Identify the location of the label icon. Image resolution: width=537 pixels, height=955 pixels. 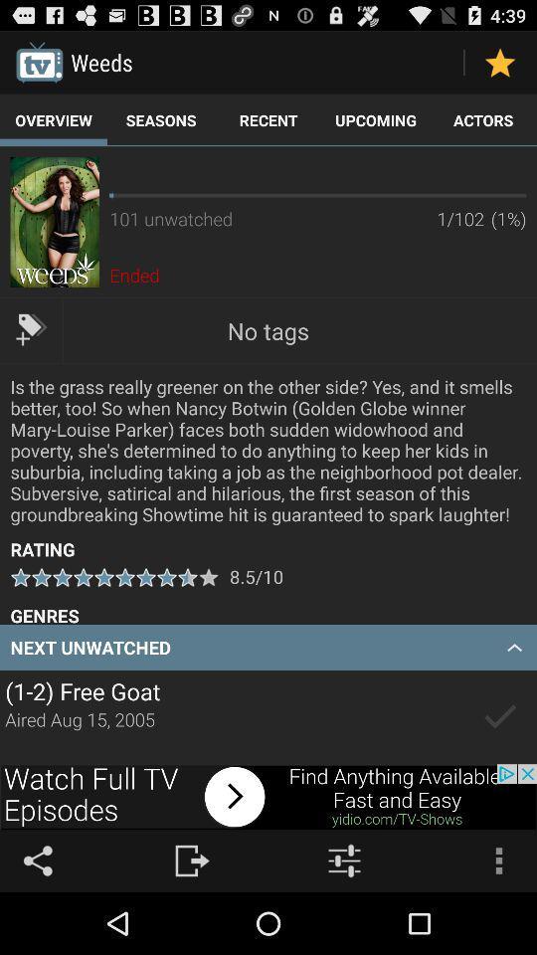
(30, 352).